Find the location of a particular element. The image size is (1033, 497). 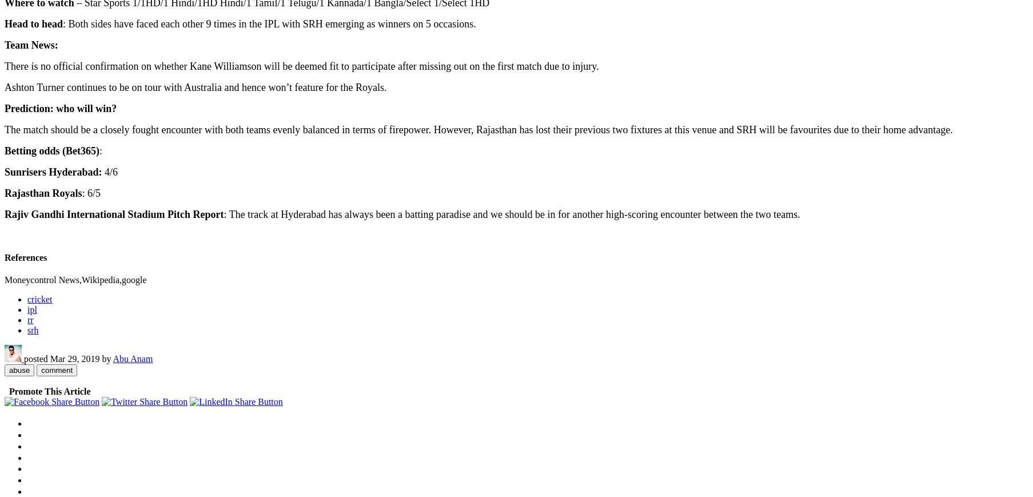

'cricket' is located at coordinates (39, 299).